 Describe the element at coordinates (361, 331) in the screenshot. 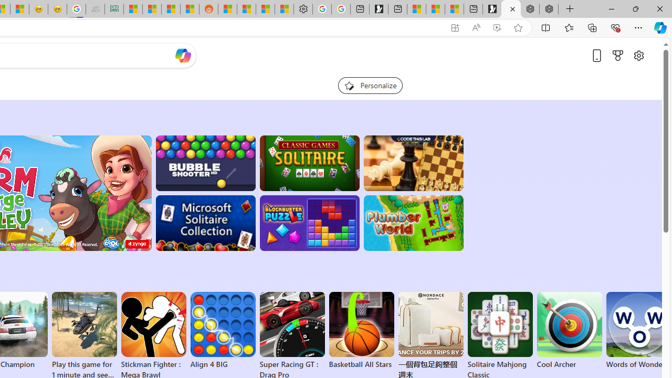

I see `'Basketball All Stars'` at that location.